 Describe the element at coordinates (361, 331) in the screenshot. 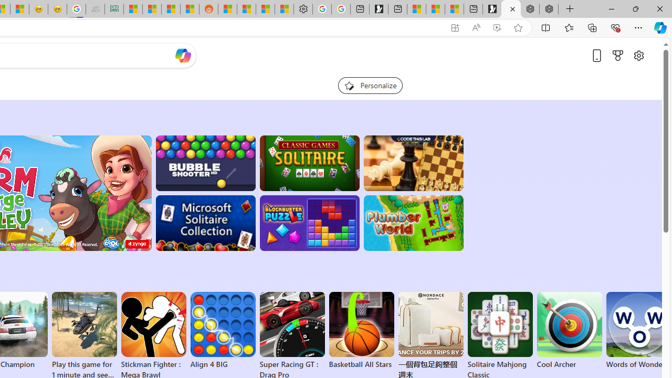

I see `'Basketball All Stars'` at that location.